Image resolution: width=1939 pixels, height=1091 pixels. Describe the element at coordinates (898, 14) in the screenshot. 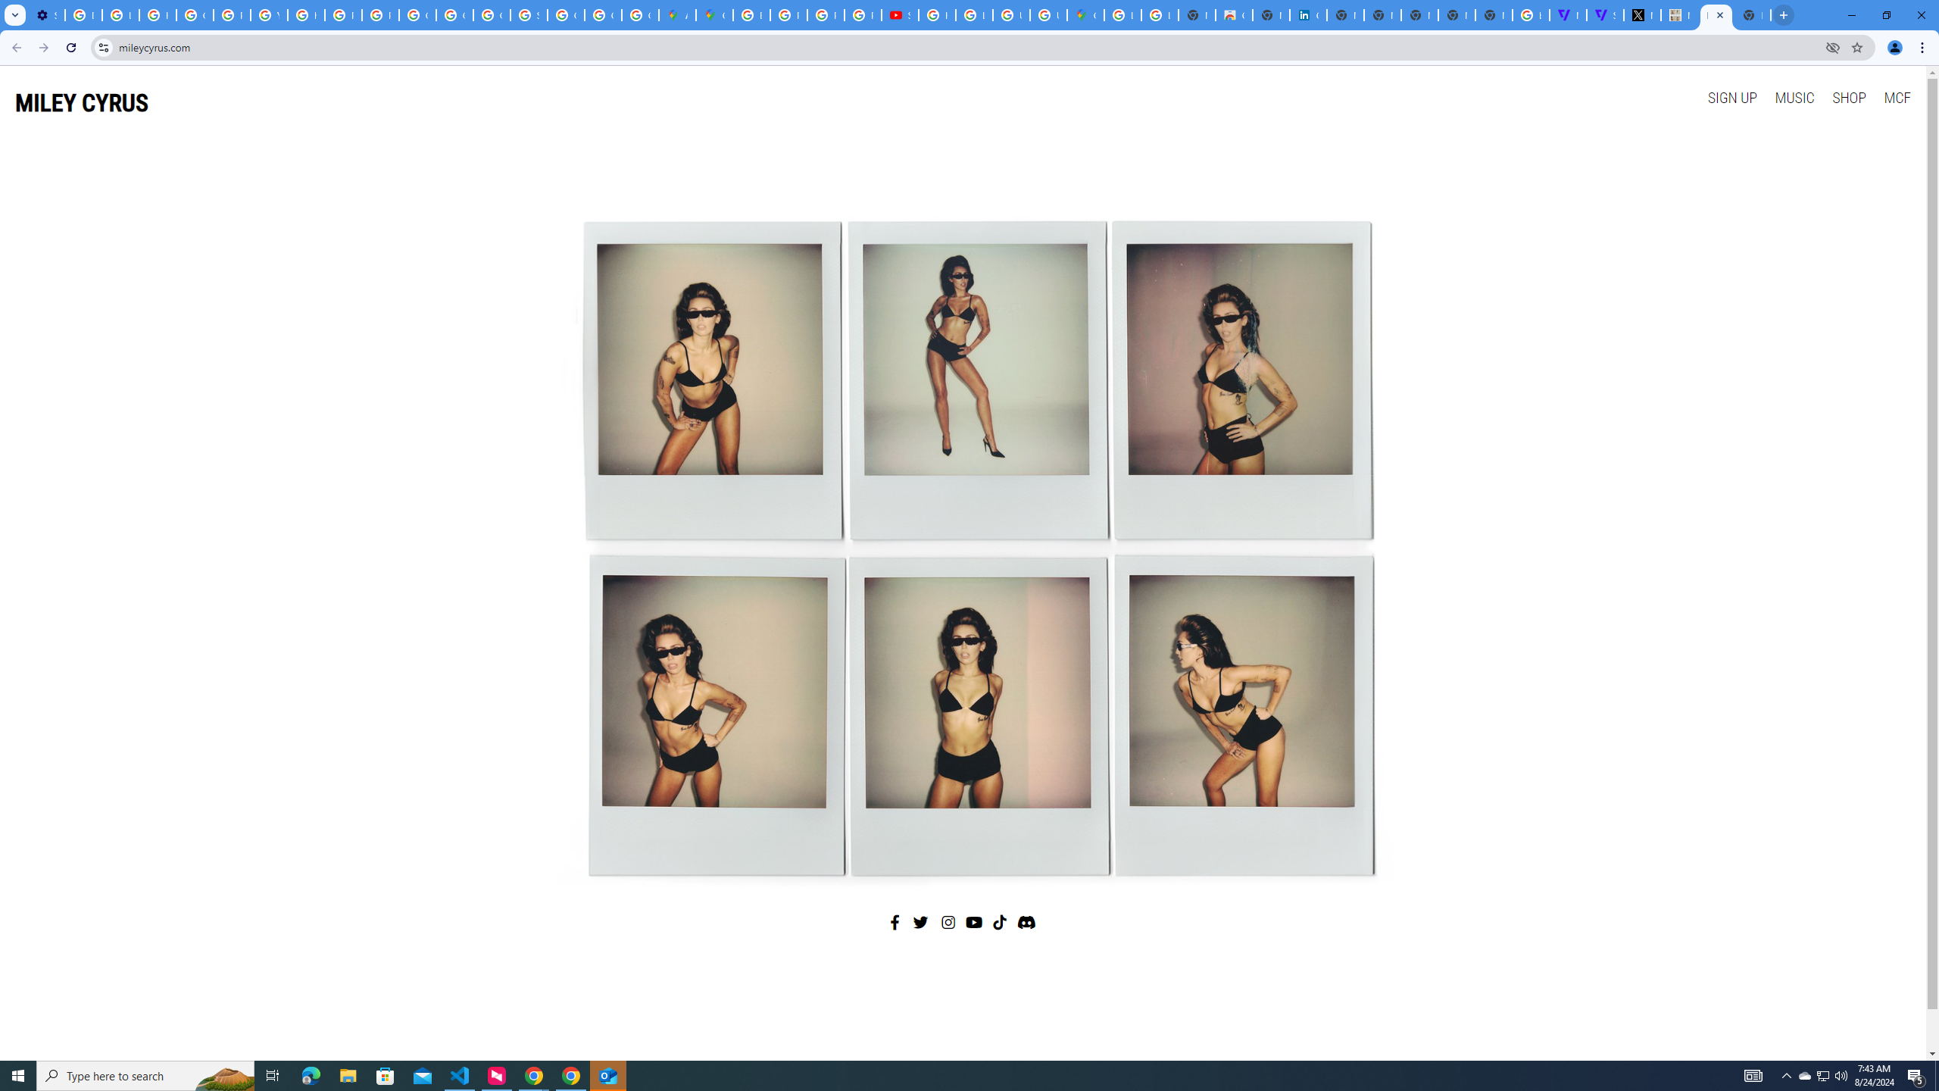

I see `'Subscriptions - YouTube'` at that location.